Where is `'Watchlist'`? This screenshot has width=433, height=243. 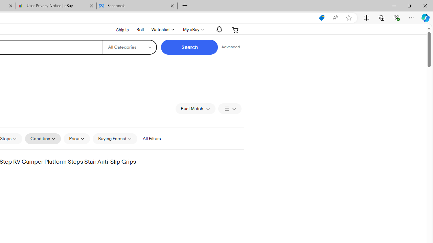 'Watchlist' is located at coordinates (162, 29).